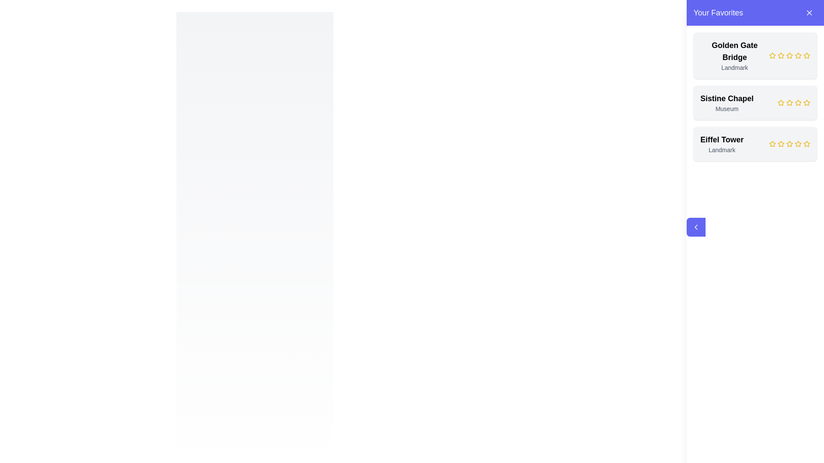 The width and height of the screenshot is (824, 463). What do you see at coordinates (806, 56) in the screenshot?
I see `the fifth yellow star icon in the five-star rating system for the 'Golden Gate Bridge' in the 'Your Favorites' section` at bounding box center [806, 56].